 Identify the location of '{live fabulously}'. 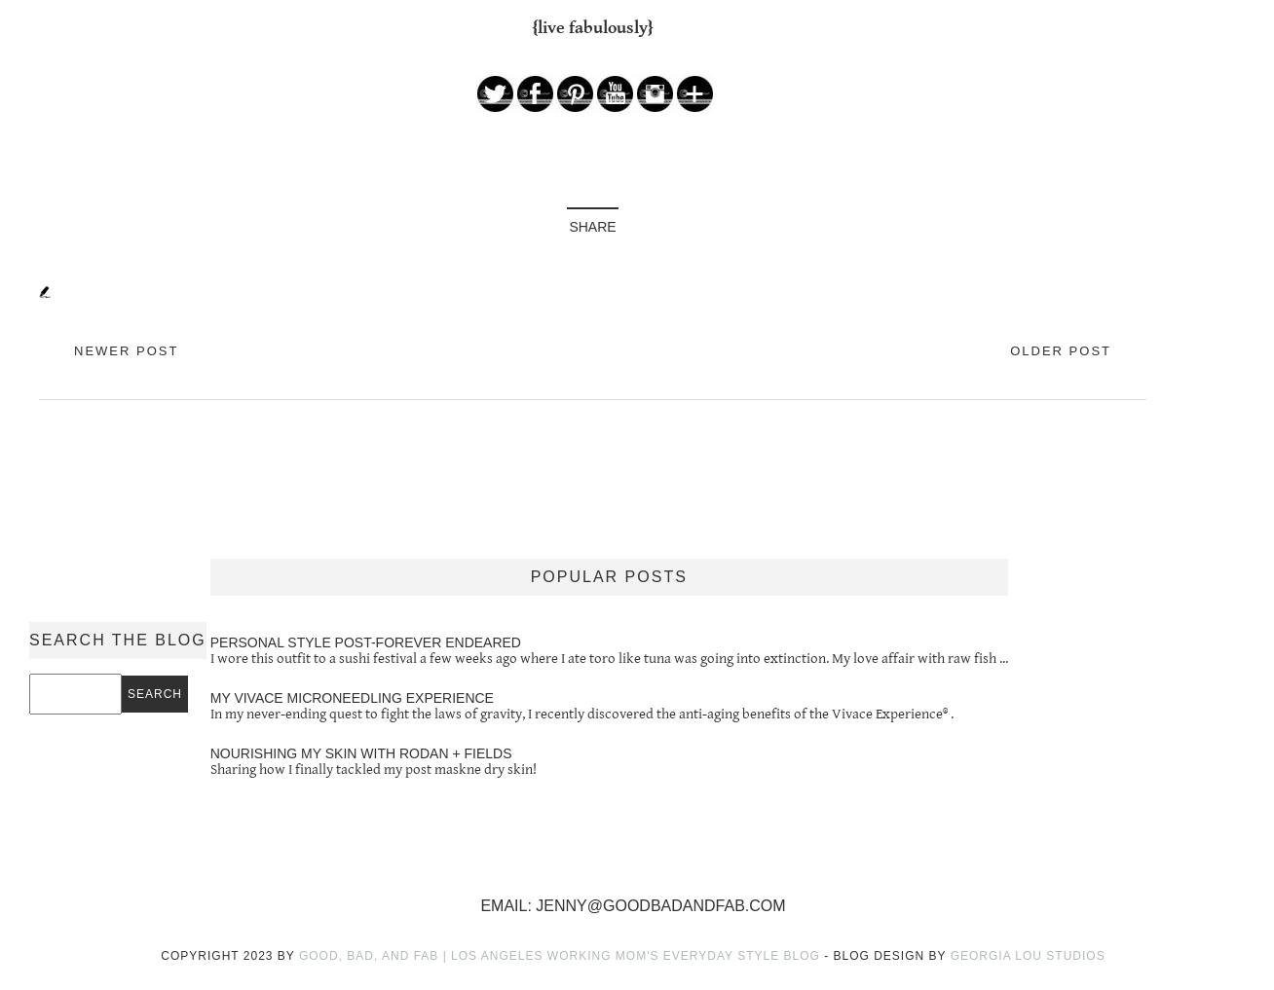
(591, 25).